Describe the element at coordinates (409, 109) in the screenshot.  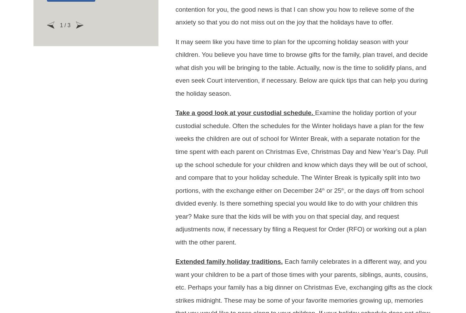
I see `'Next Post'` at that location.